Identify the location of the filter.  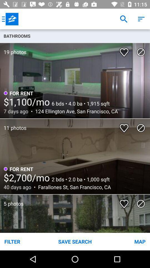
(25, 241).